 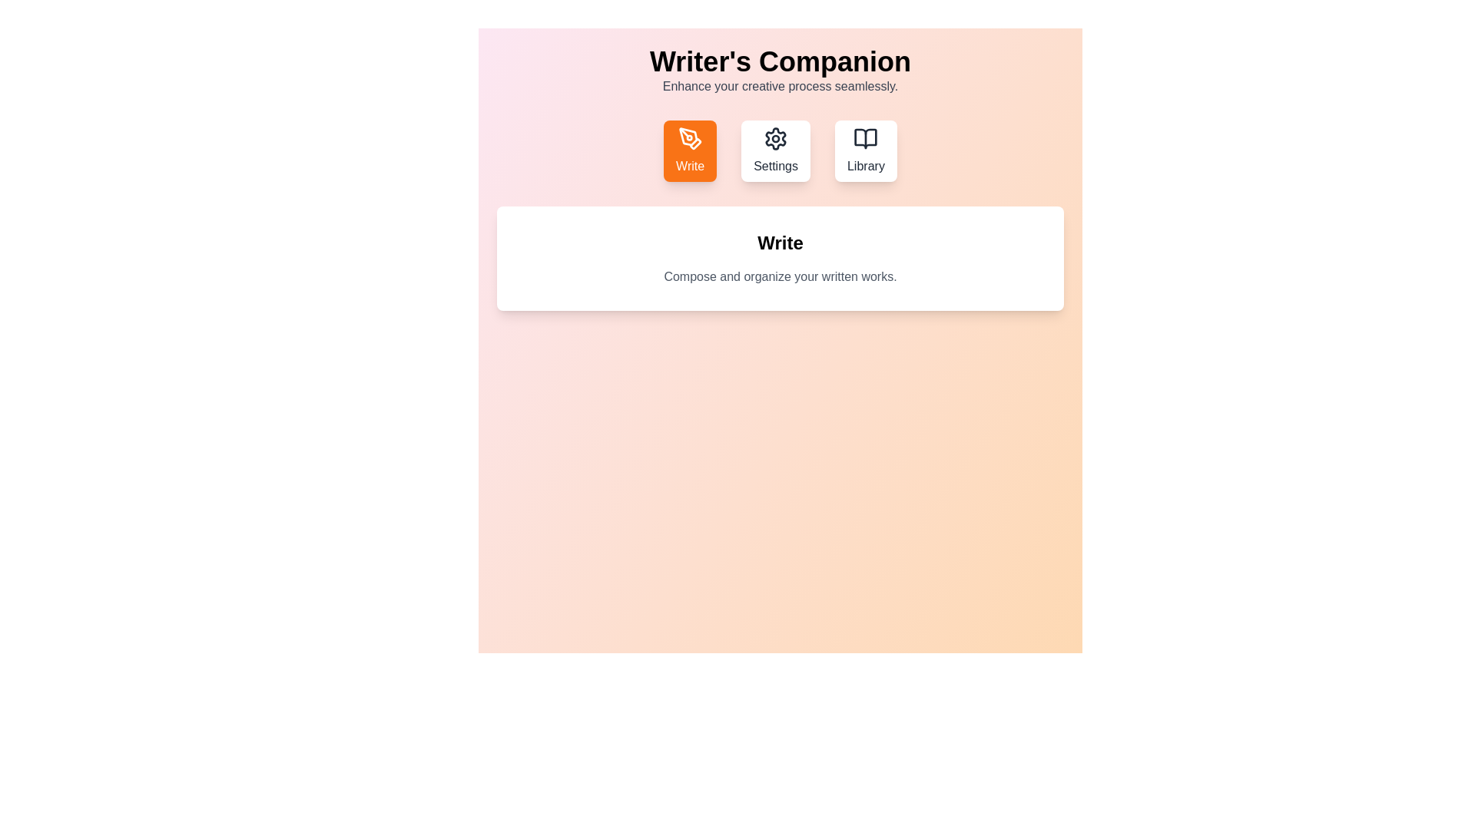 What do you see at coordinates (866, 150) in the screenshot?
I see `the Library tab by clicking on its corresponding button` at bounding box center [866, 150].